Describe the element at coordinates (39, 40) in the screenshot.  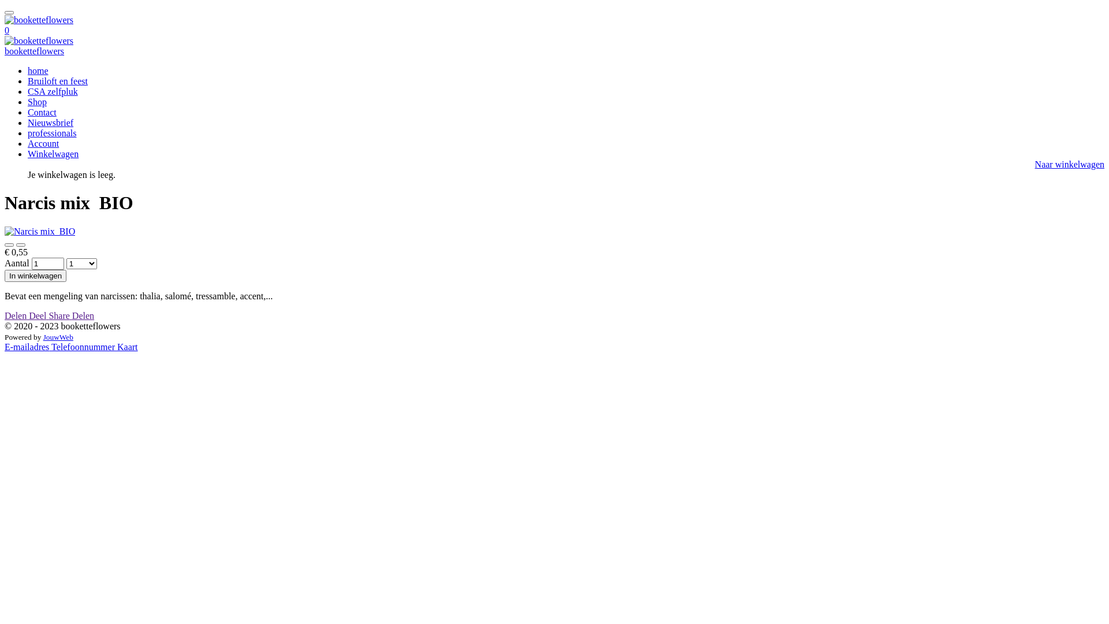
I see `'booketteflowers'` at that location.